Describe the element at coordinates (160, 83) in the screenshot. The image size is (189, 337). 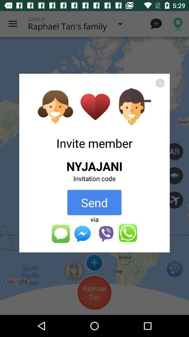
I see `option` at that location.